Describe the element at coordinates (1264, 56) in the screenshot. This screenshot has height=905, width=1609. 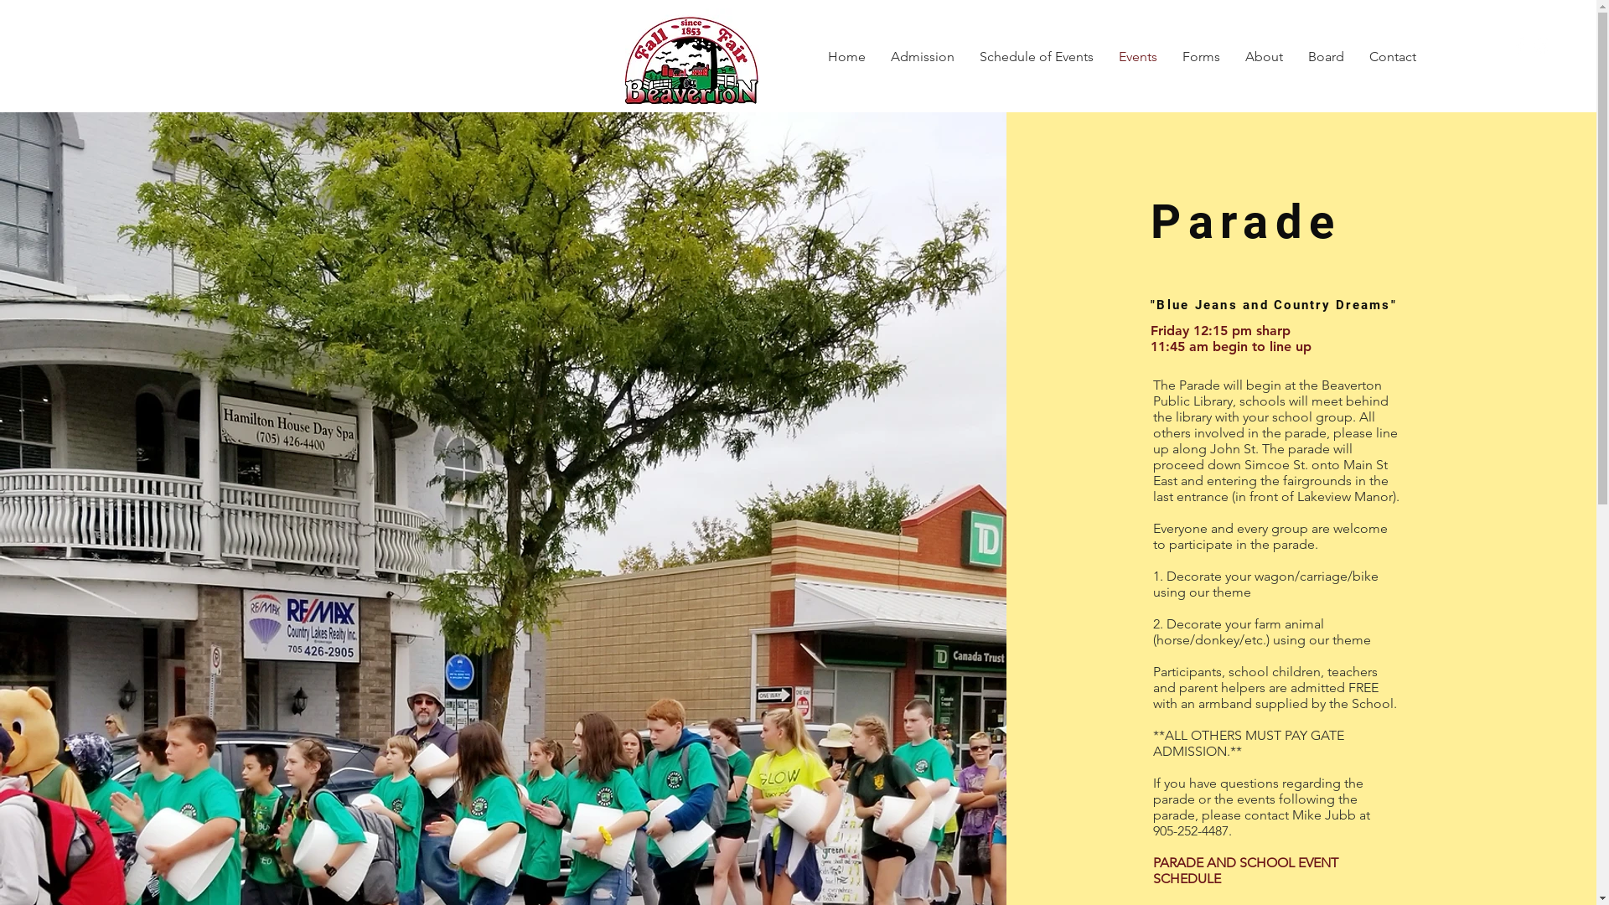
I see `'About'` at that location.